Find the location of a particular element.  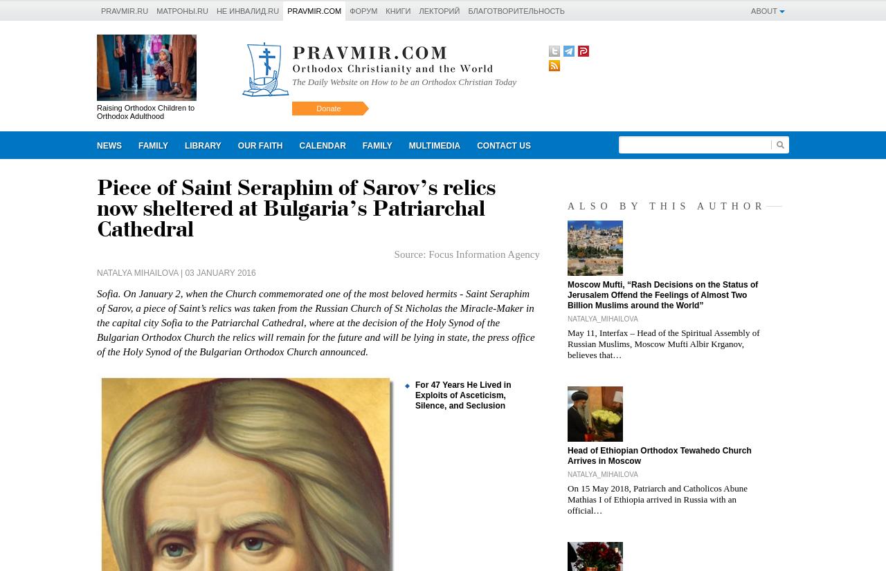

'About' is located at coordinates (763, 11).